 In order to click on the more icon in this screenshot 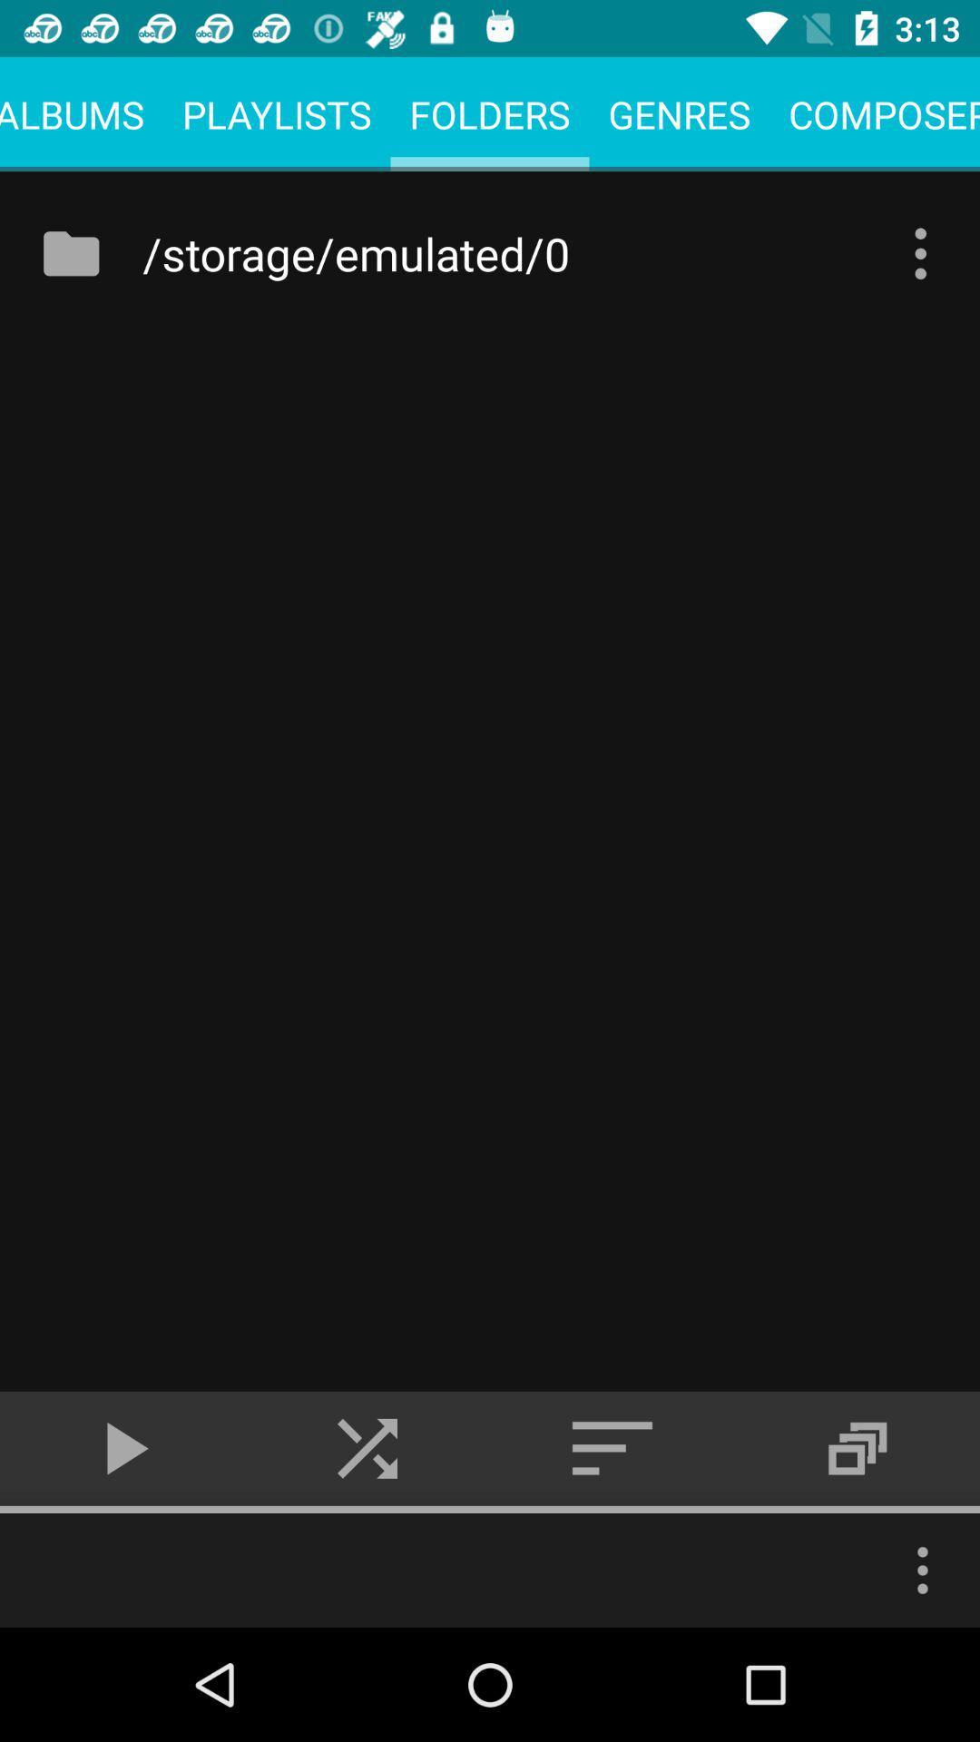, I will do `click(923, 1570)`.